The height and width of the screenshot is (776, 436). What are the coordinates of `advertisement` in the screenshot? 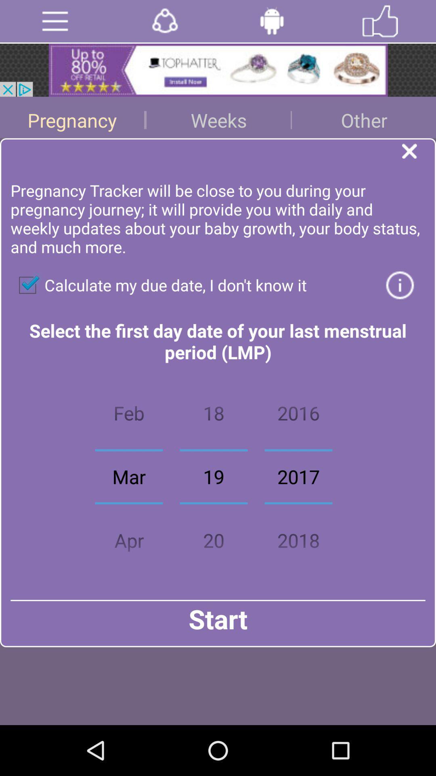 It's located at (218, 70).